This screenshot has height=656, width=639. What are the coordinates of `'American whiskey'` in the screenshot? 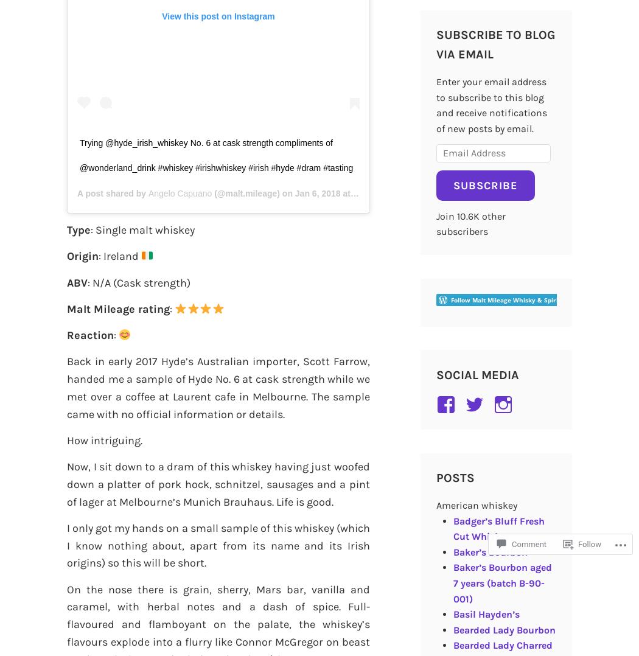 It's located at (476, 505).